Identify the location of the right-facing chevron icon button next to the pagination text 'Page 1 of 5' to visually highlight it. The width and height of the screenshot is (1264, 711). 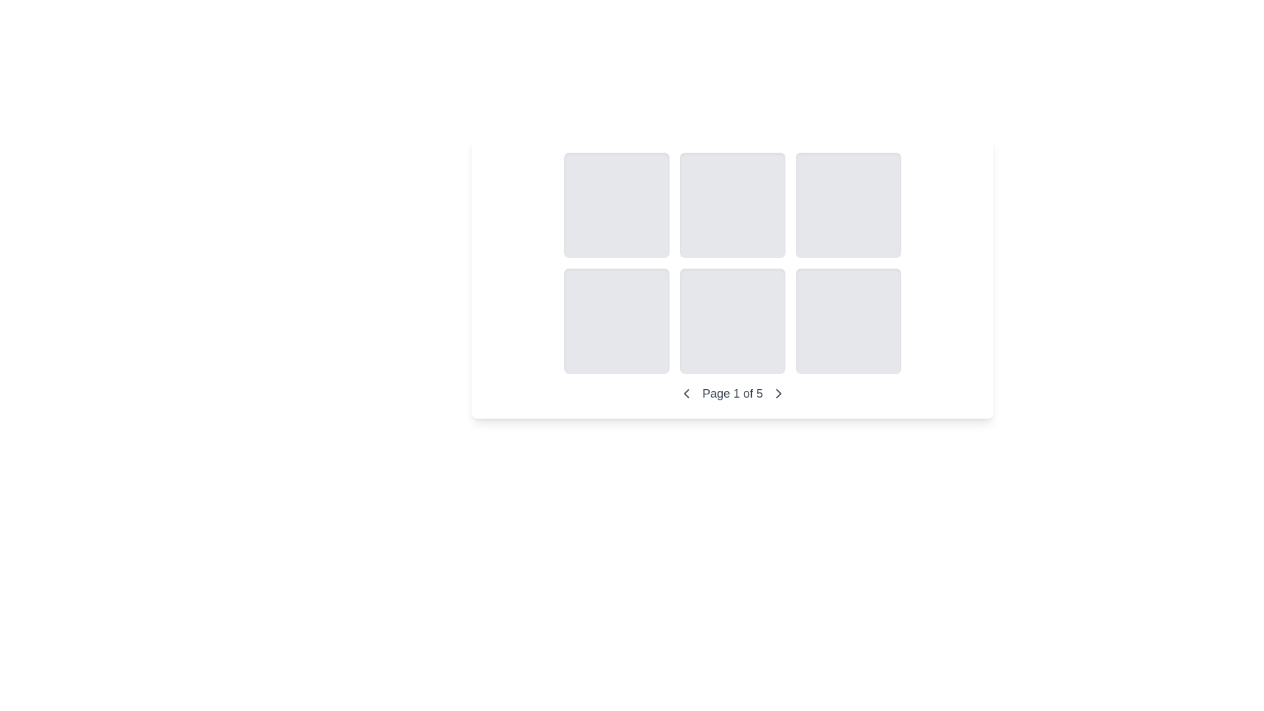
(779, 392).